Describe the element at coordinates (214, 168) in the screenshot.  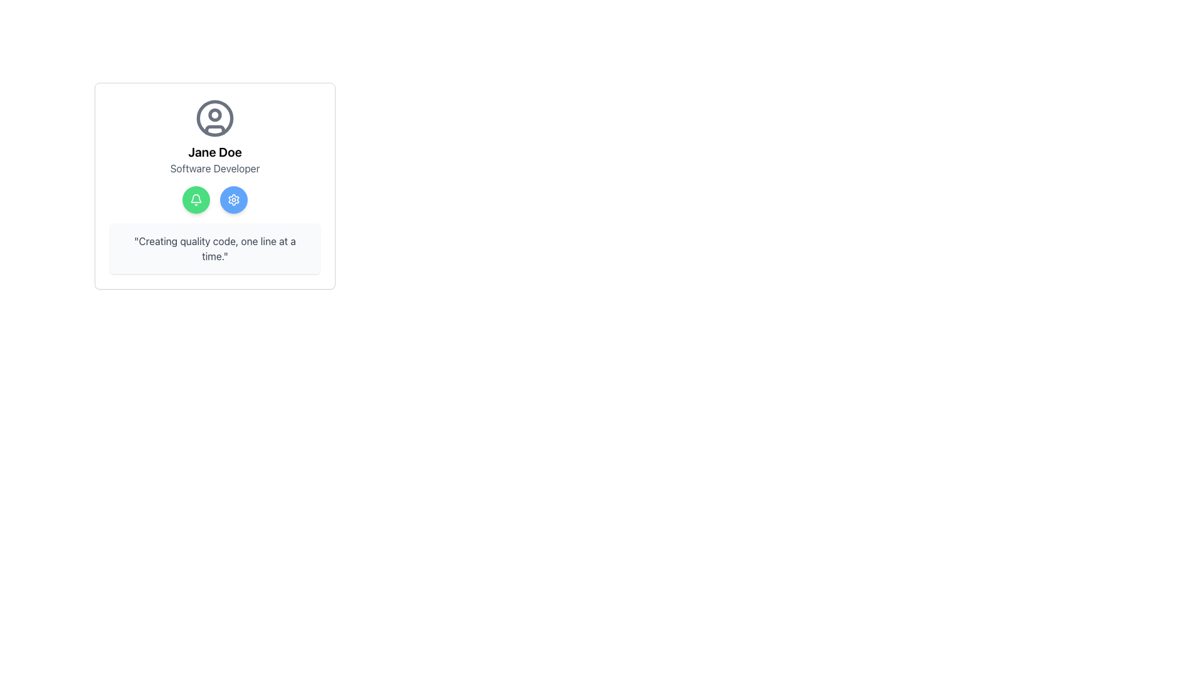
I see `the text label that reads 'Software Developer', which is styled in gray and positioned below 'Jane Doe' and above the circular icons` at that location.